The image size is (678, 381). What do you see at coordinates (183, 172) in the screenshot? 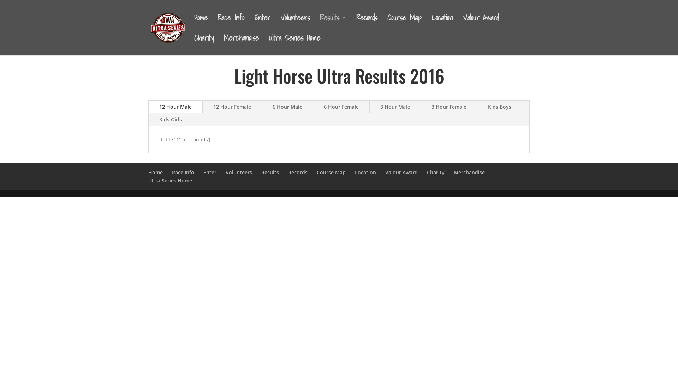
I see `'Race Info'` at bounding box center [183, 172].